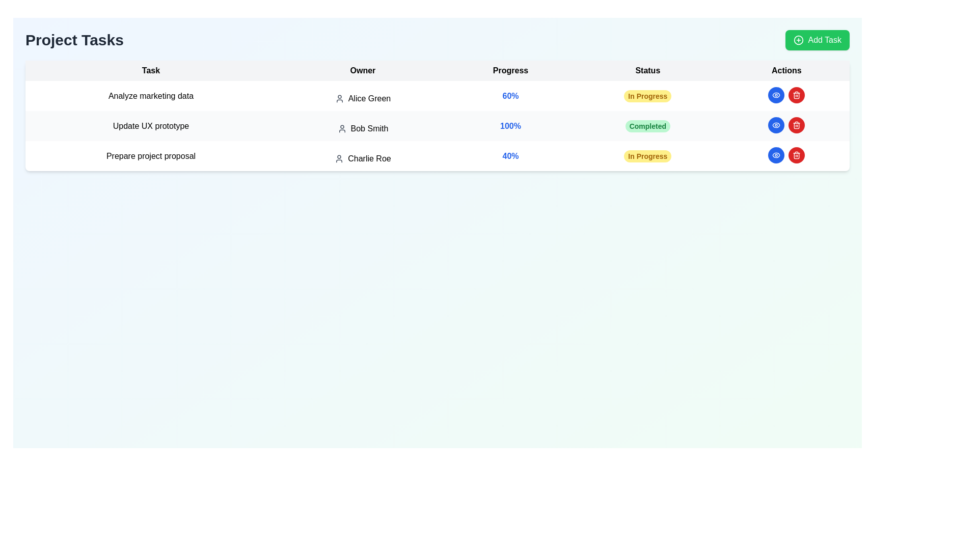  Describe the element at coordinates (150, 125) in the screenshot. I see `the bold, centered text element displaying 'Update UX prototype', which is located in the second row of the table under the 'Task' column, positioned between 'Analyze marketing data' and 'Prepare project proposal'` at that location.